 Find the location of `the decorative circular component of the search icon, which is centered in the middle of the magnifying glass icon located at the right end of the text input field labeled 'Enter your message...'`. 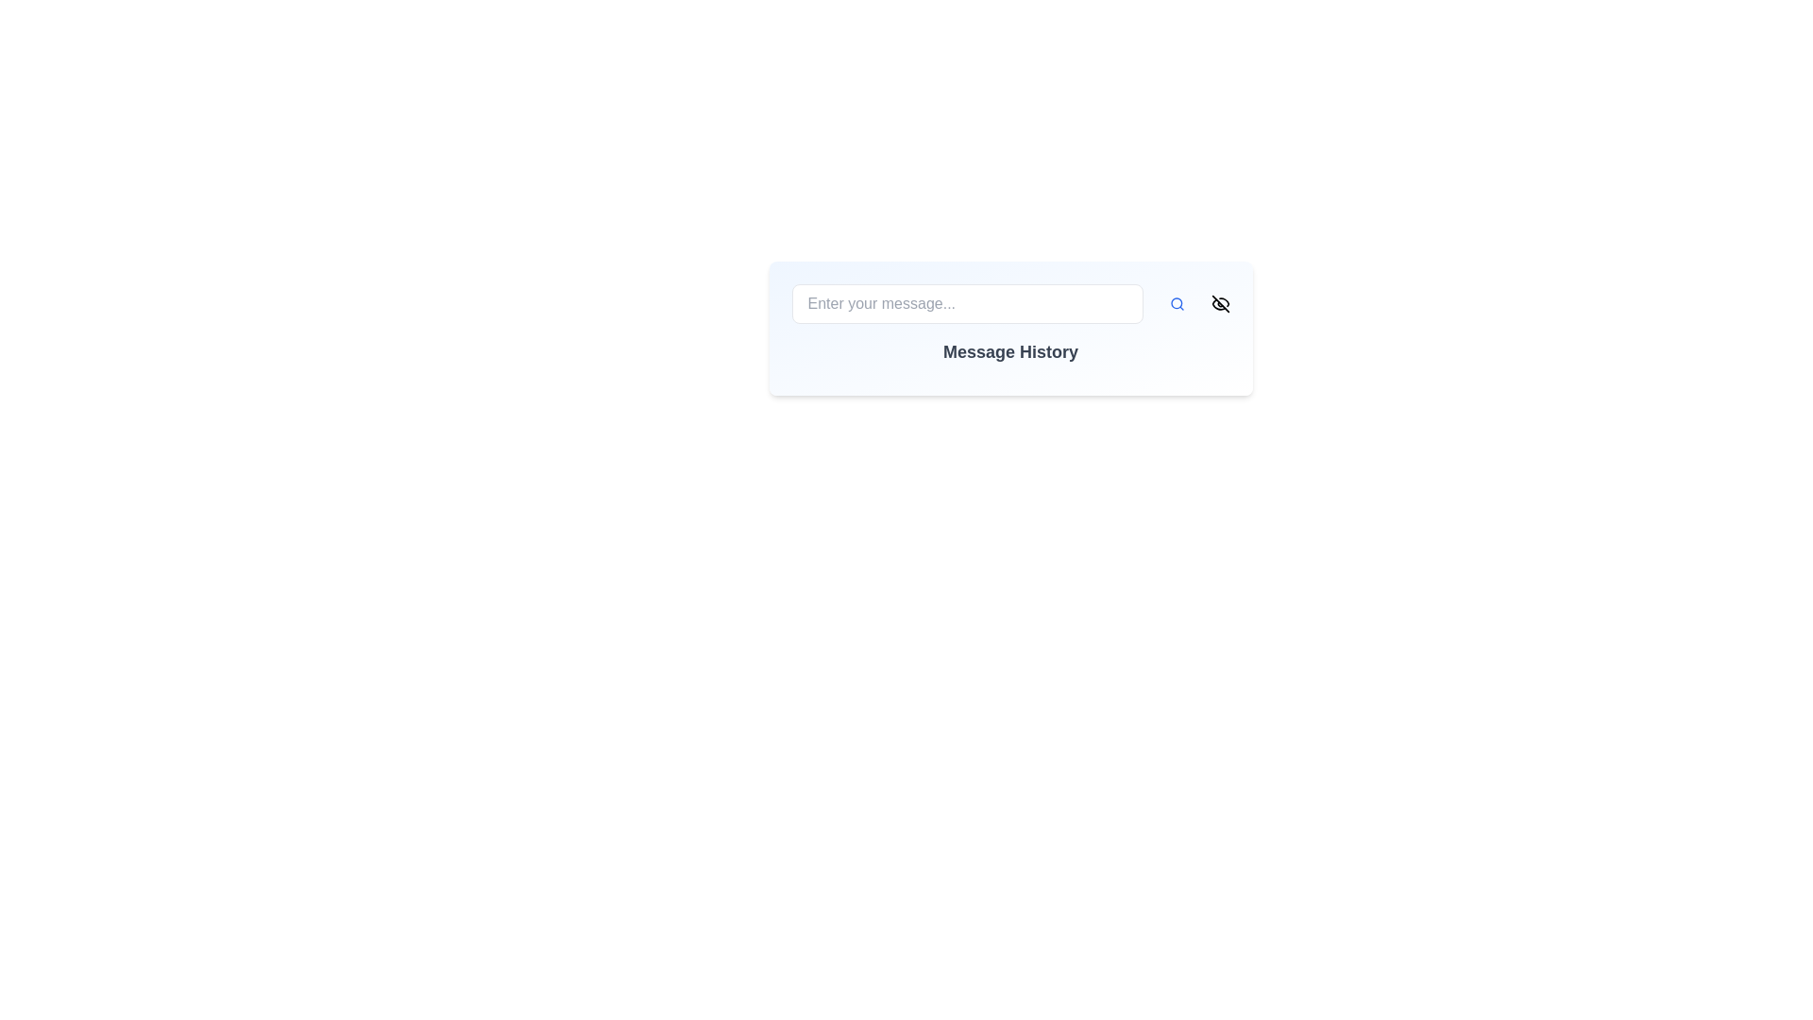

the decorative circular component of the search icon, which is centered in the middle of the magnifying glass icon located at the right end of the text input field labeled 'Enter your message...' is located at coordinates (1175, 302).